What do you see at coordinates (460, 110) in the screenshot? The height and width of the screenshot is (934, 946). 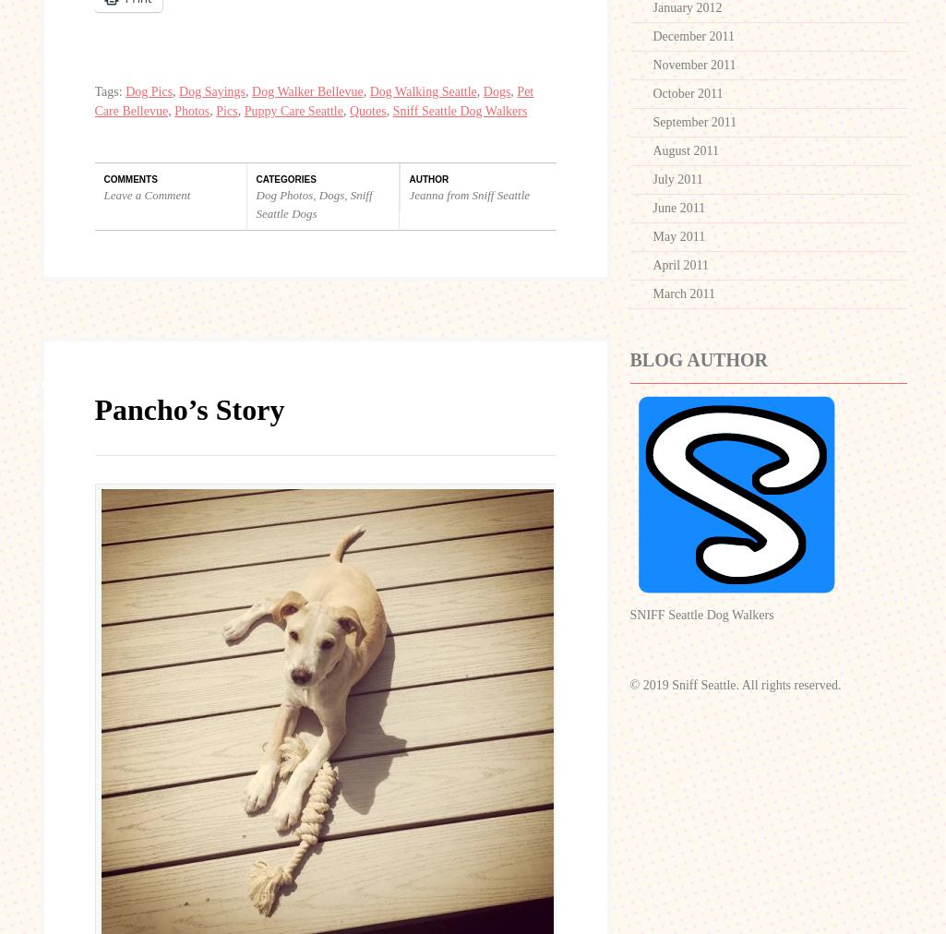 I see `'Sniff Seattle Dog Walkers'` at bounding box center [460, 110].